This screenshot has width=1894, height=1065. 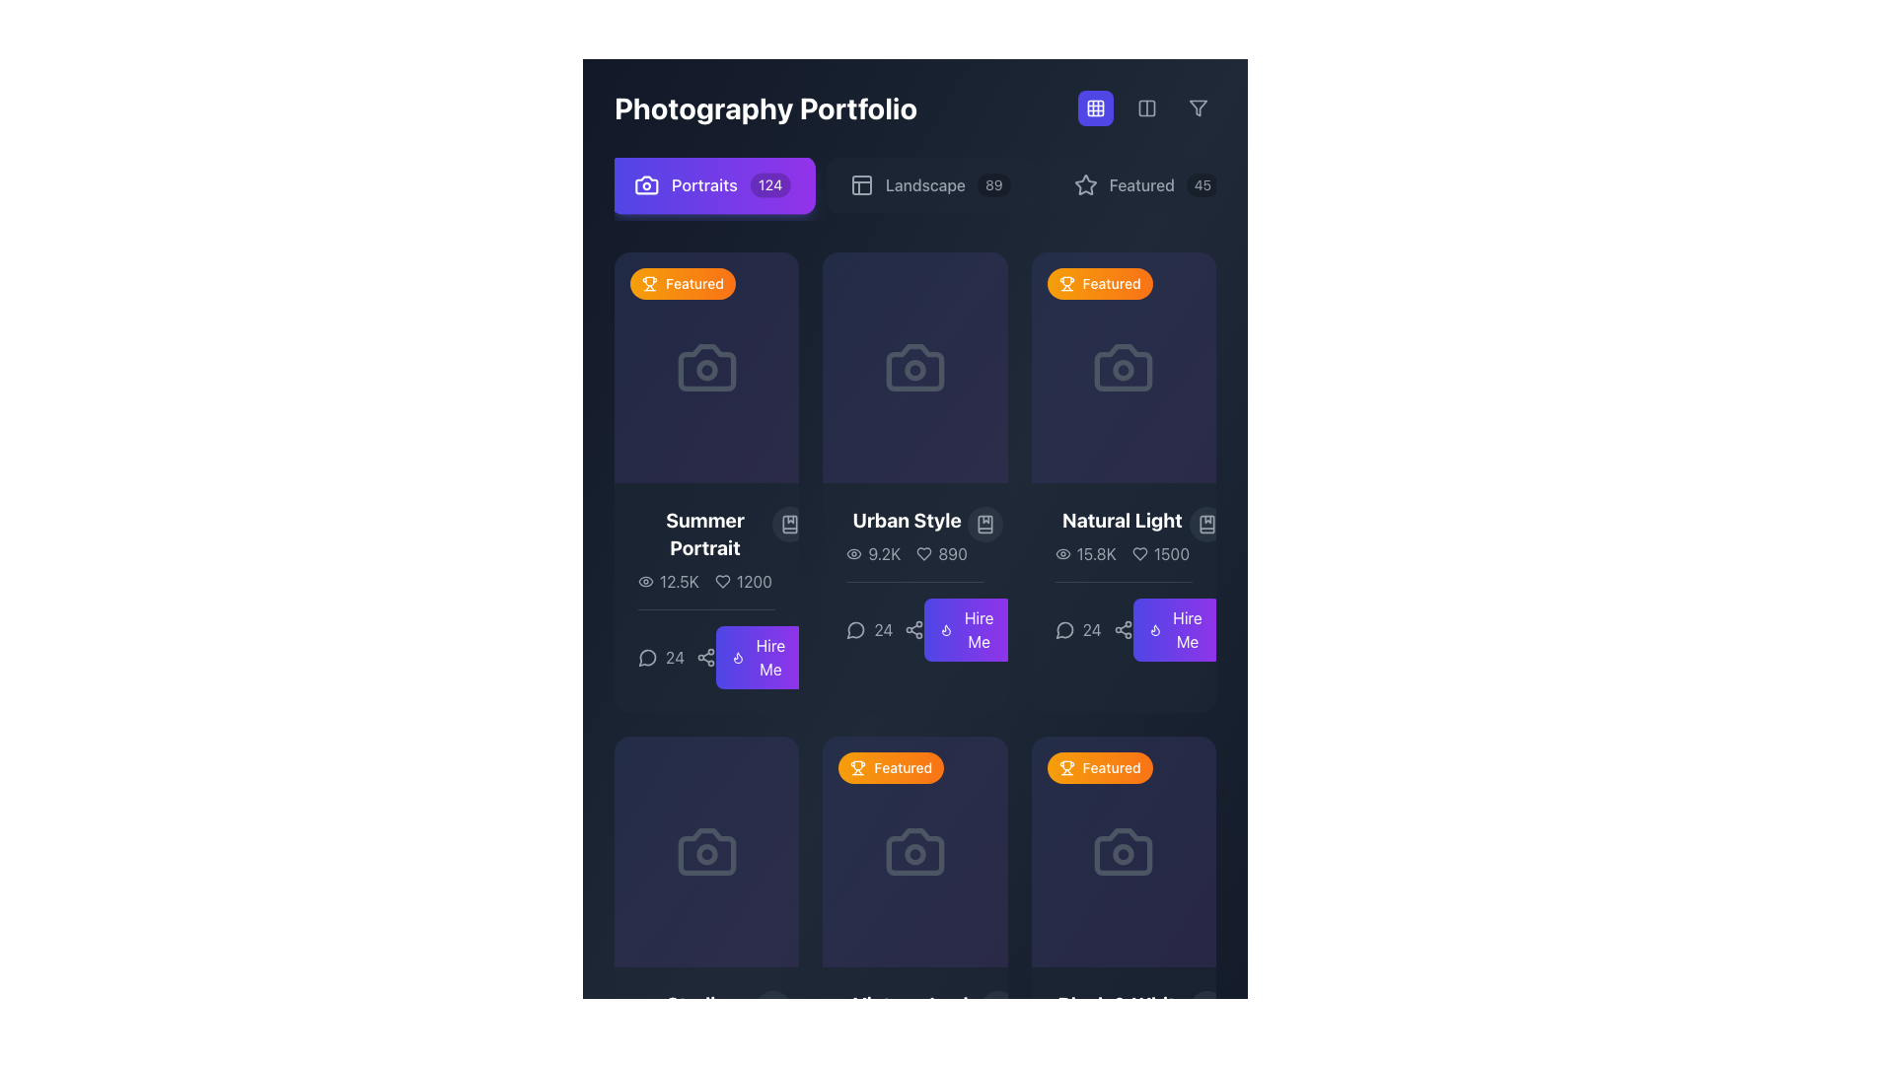 What do you see at coordinates (706, 482) in the screenshot?
I see `the title of the 'Summer Portrait' card in the topmost row of the grid layout` at bounding box center [706, 482].